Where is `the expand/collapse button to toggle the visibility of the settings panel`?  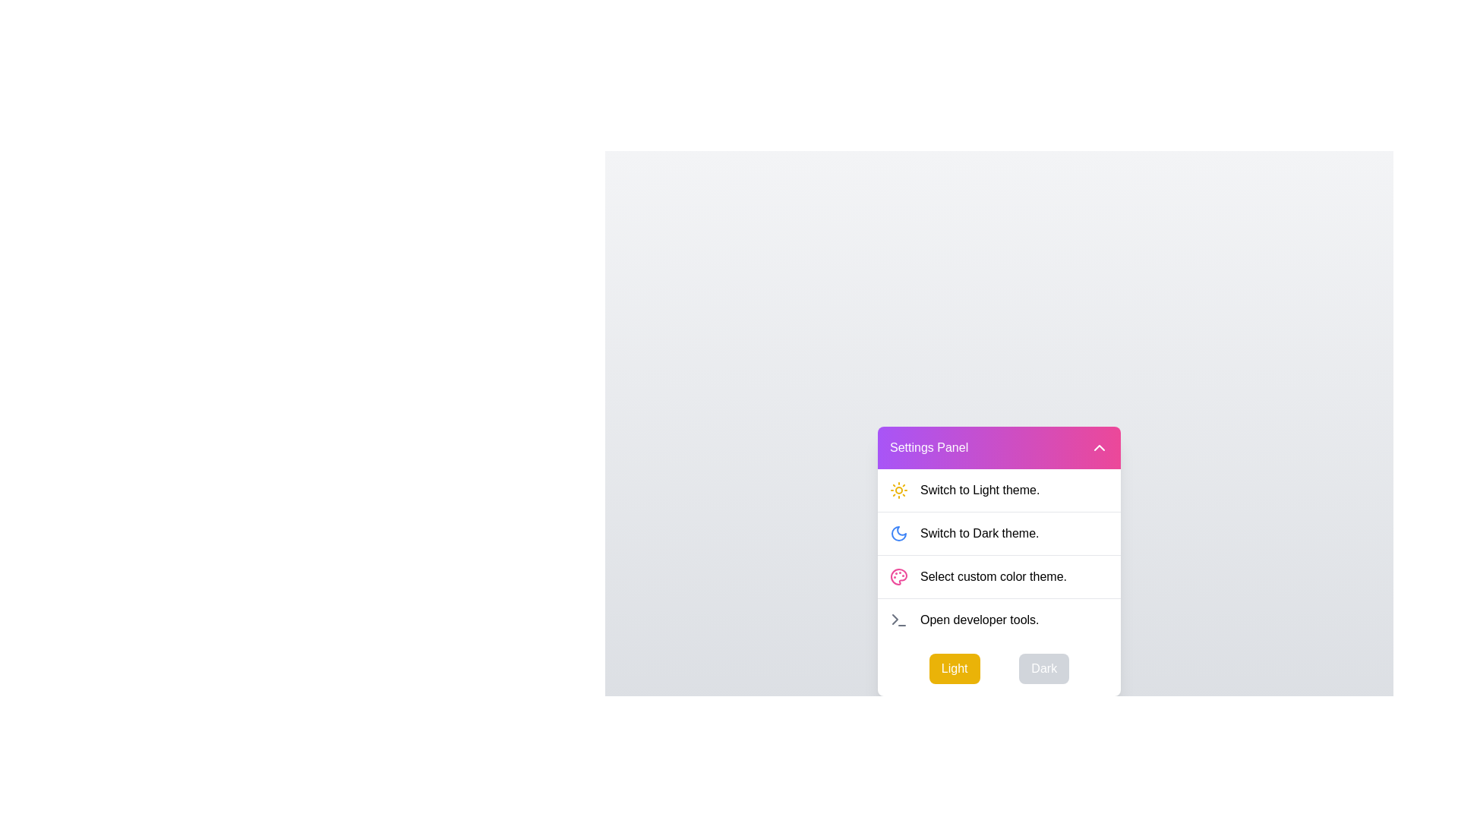 the expand/collapse button to toggle the visibility of the settings panel is located at coordinates (1100, 446).